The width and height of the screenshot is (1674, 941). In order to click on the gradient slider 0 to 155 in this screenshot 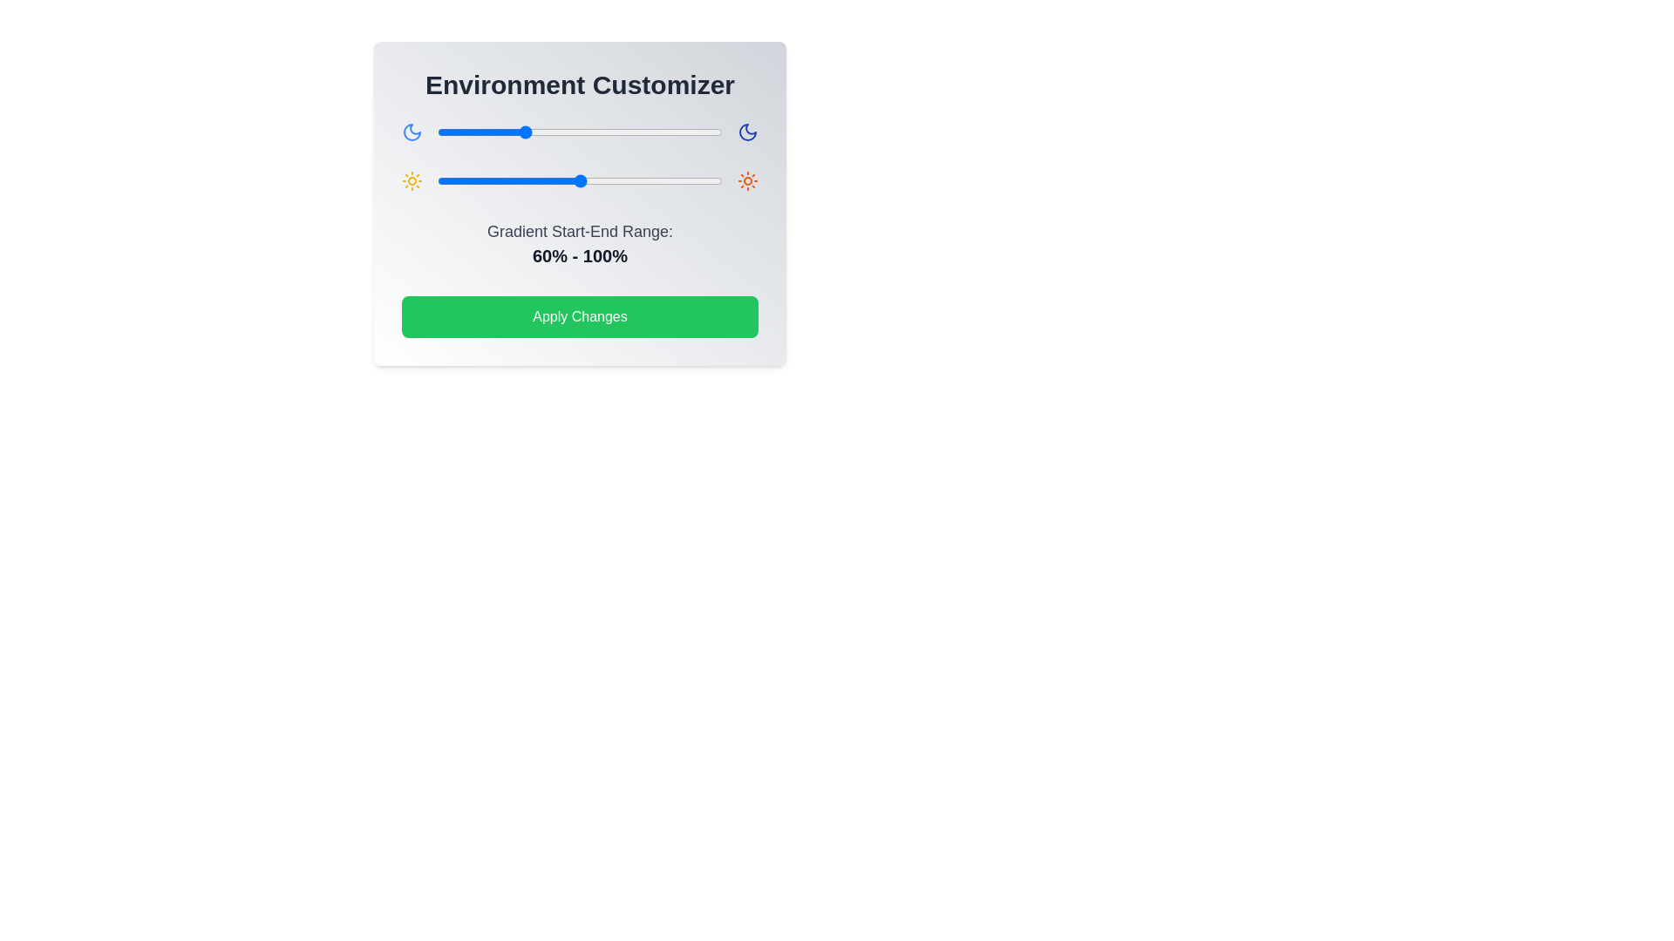, I will do `click(657, 131)`.